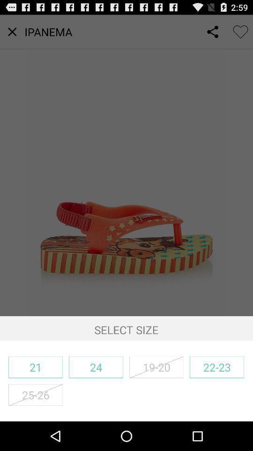 This screenshot has height=451, width=253. What do you see at coordinates (126, 165) in the screenshot?
I see `icon at the center` at bounding box center [126, 165].